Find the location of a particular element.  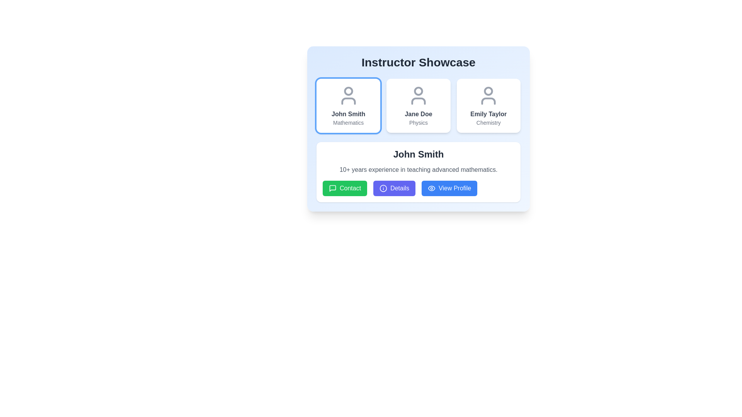

the grouped collection of buttons related to 'John Smith's' profile is located at coordinates (418, 188).